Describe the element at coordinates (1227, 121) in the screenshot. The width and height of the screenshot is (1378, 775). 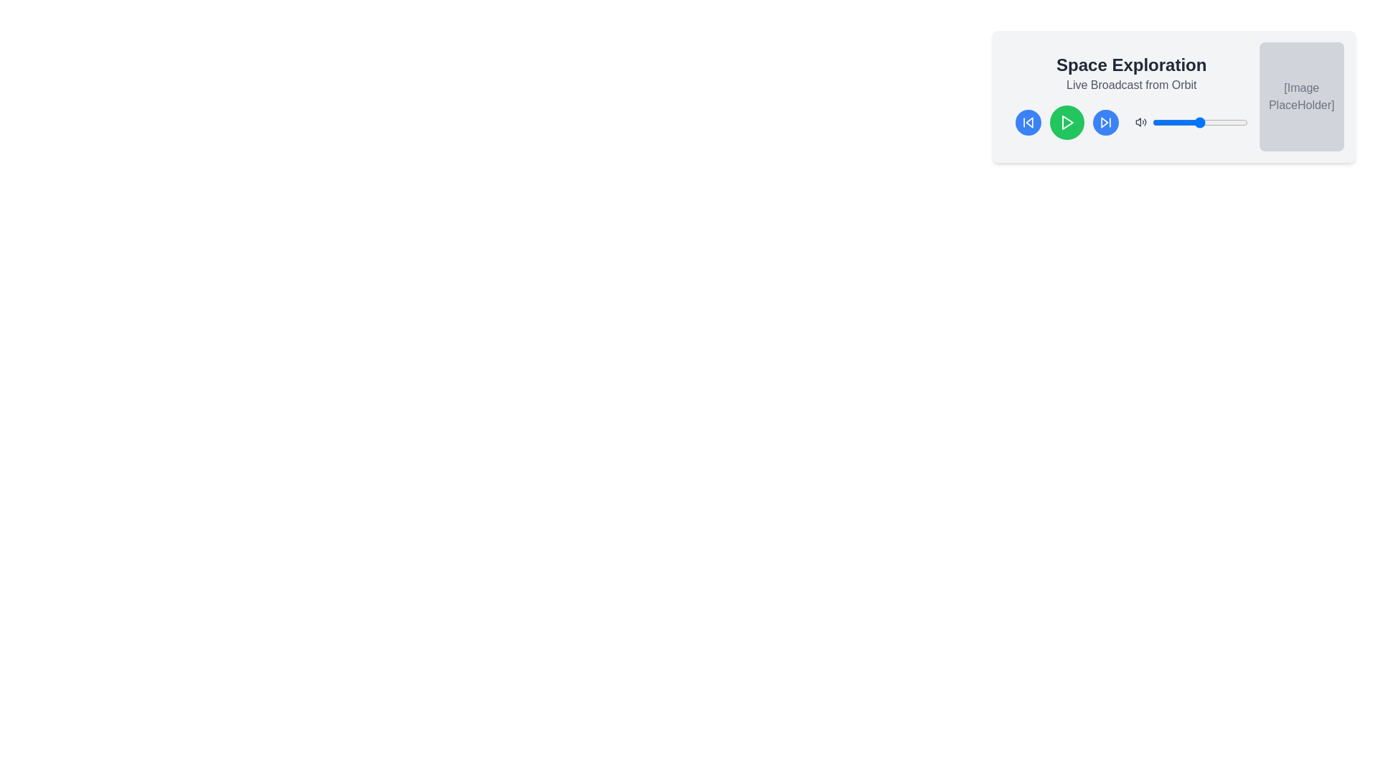
I see `slider value` at that location.